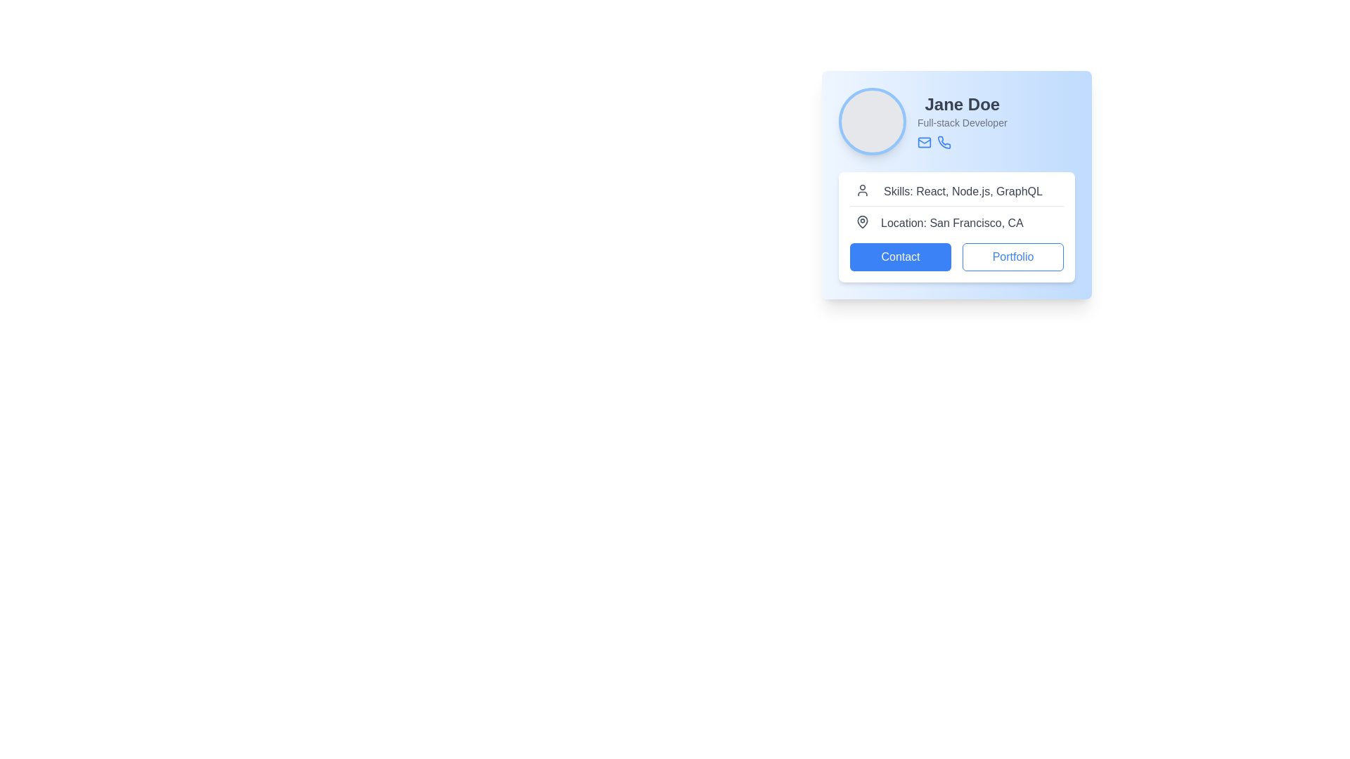 This screenshot has height=759, width=1350. What do you see at coordinates (862, 221) in the screenshot?
I see `the SVG-based map pin icon located to the left of the text 'Location: San Francisco, CA' within the card interface` at bounding box center [862, 221].